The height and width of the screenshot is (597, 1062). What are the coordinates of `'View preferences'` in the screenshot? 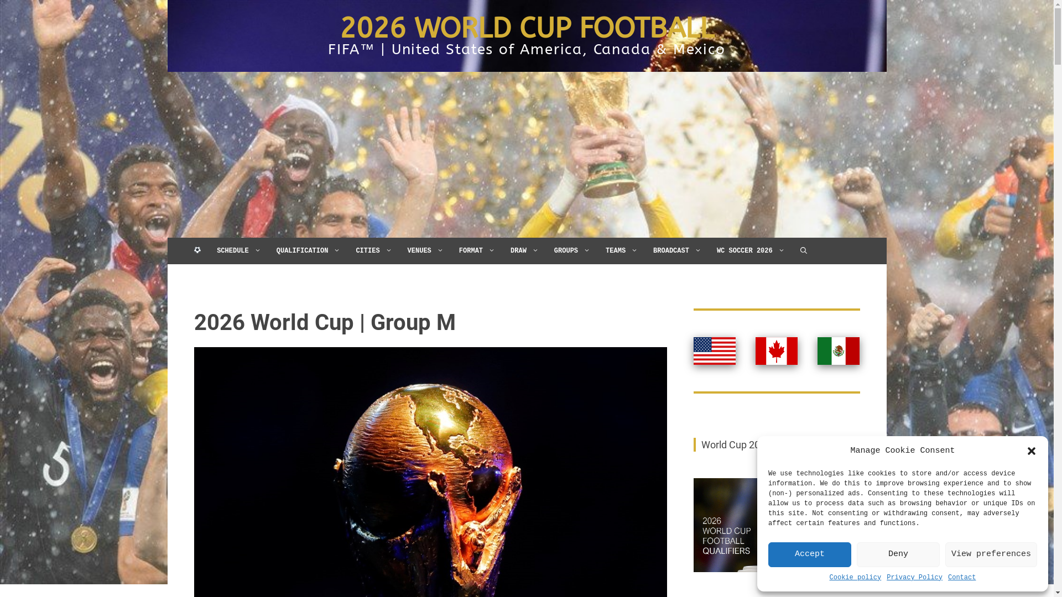 It's located at (991, 554).